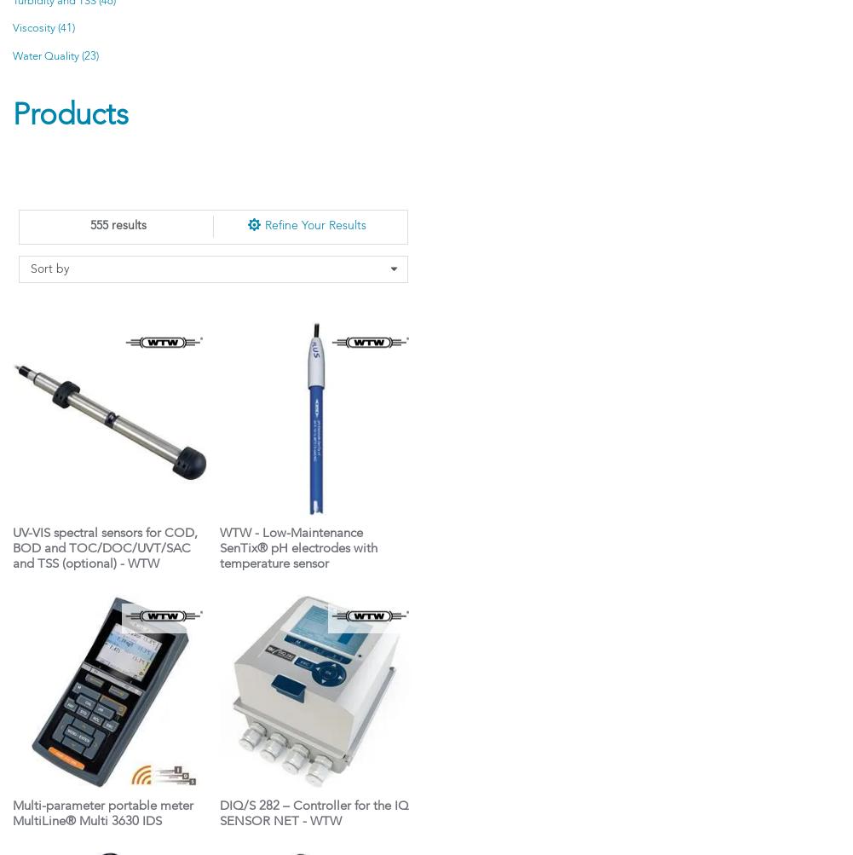 The height and width of the screenshot is (855, 853). Describe the element at coordinates (102, 813) in the screenshot. I see `'Multi-parameter portable meter MultiLine® Multi 3630 IDS'` at that location.